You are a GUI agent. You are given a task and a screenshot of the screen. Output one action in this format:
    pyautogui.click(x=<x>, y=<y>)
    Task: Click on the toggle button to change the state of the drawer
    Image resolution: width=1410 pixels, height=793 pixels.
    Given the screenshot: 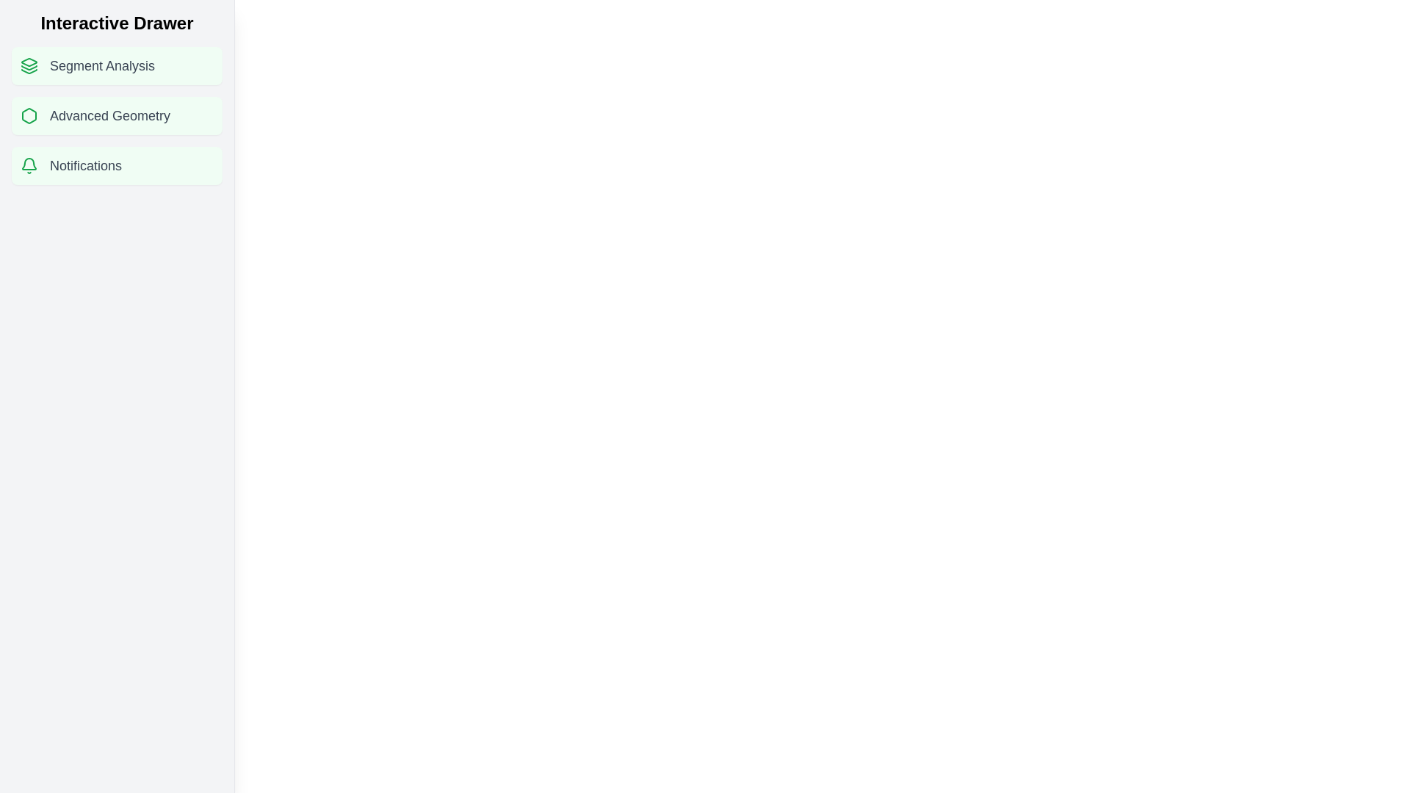 What is the action you would take?
    pyautogui.click(x=29, y=29)
    